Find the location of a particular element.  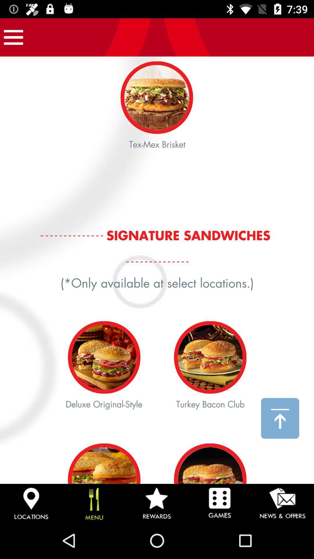

open app navigation options is located at coordinates (13, 37).